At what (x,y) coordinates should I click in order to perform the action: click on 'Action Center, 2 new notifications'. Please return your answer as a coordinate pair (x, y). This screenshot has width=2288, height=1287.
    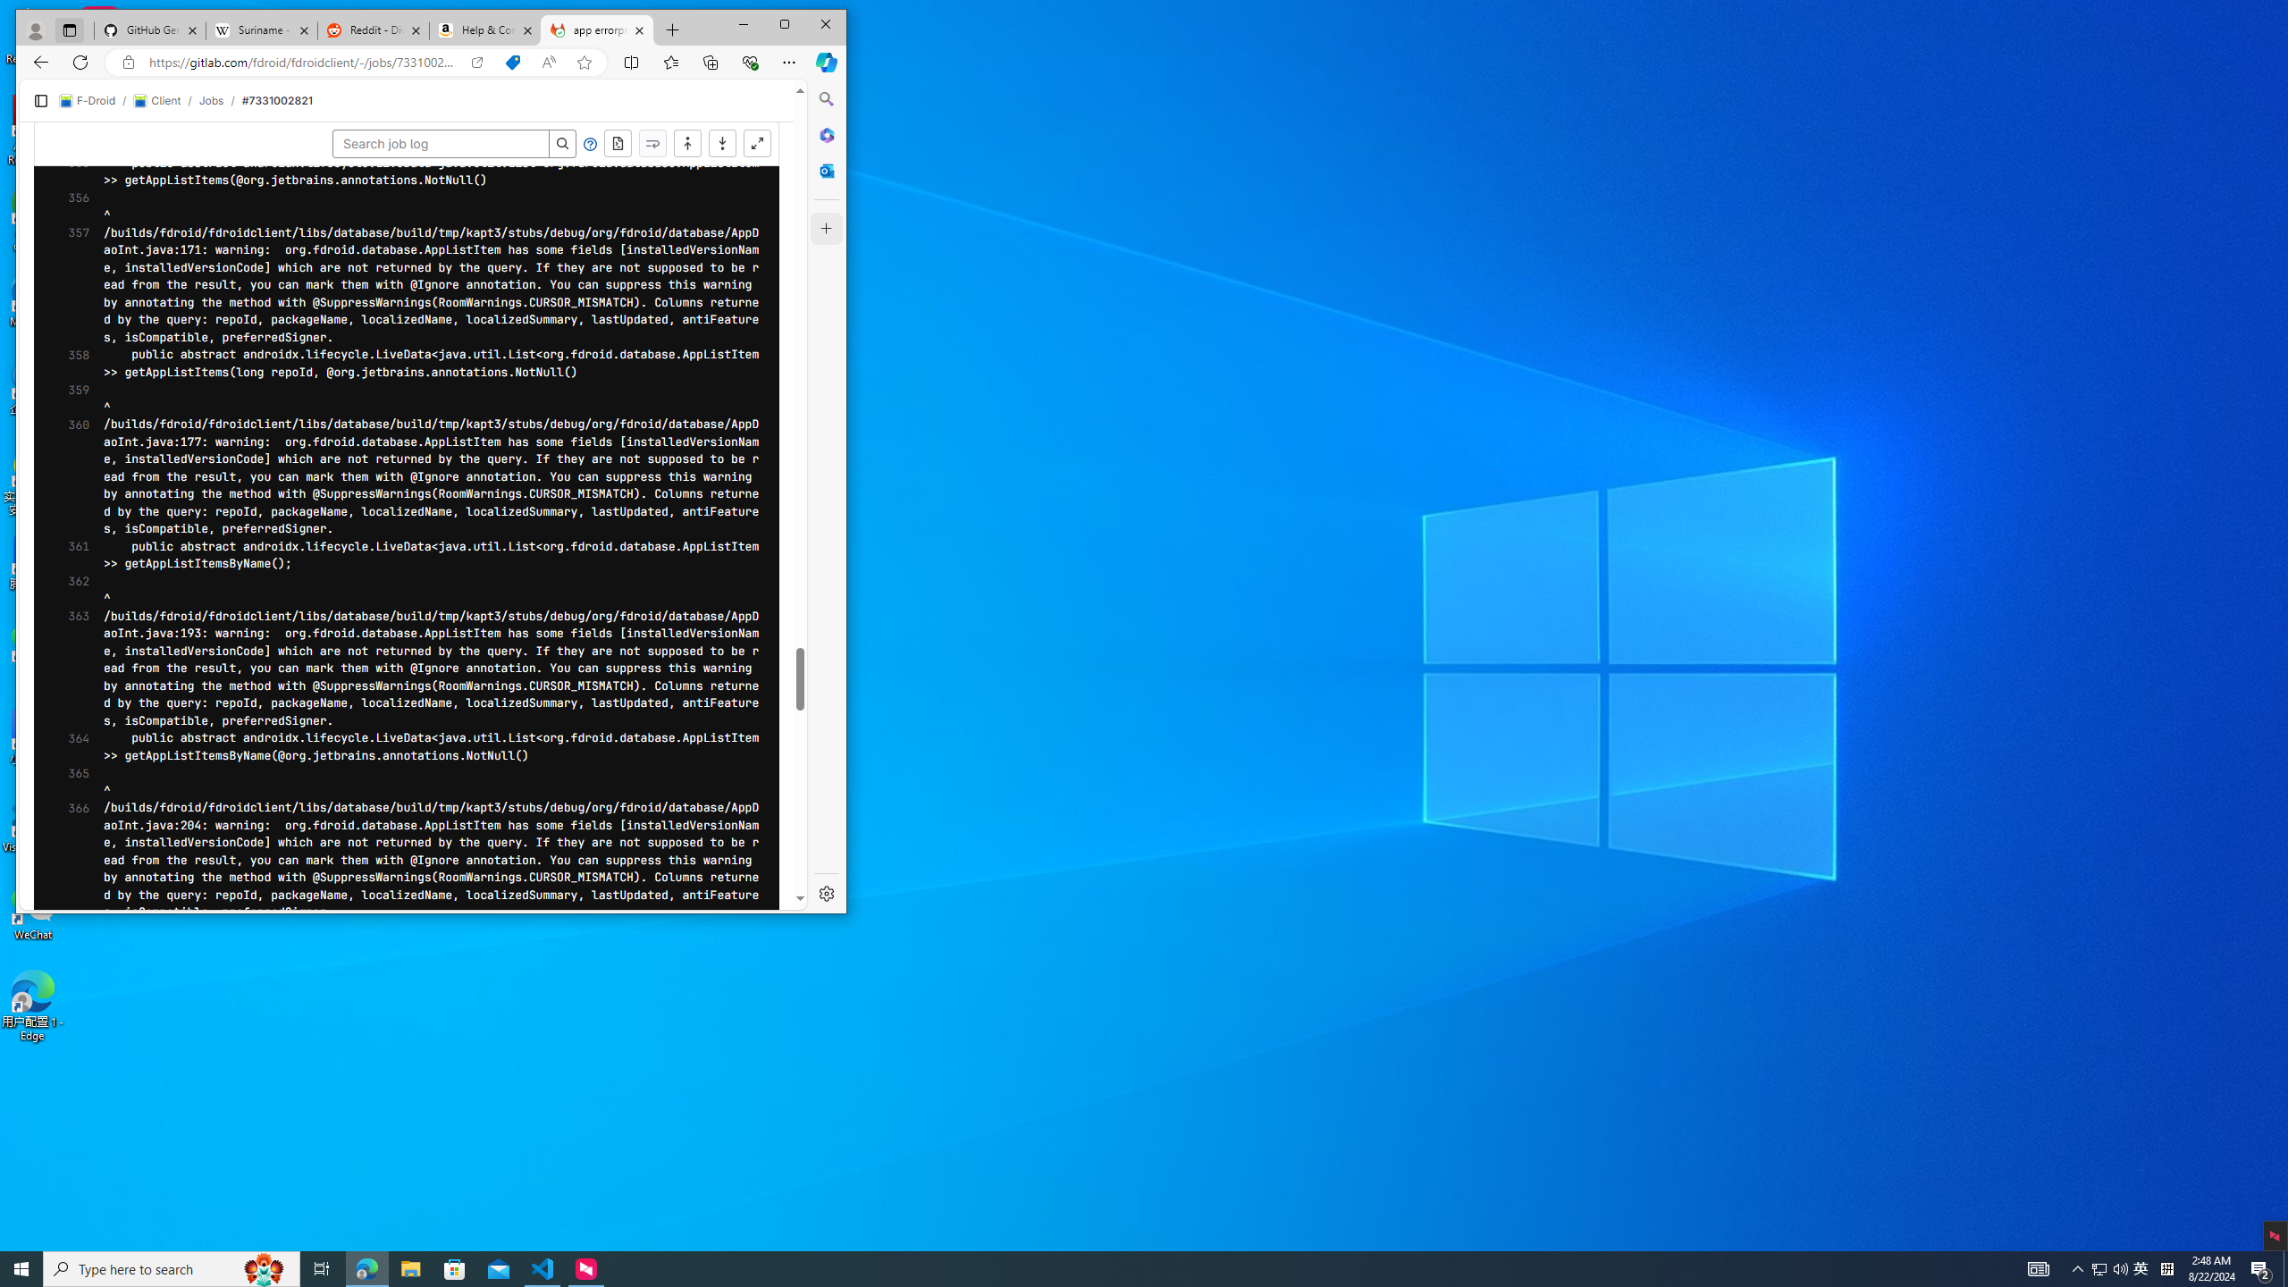
    Looking at the image, I should click on (2261, 1267).